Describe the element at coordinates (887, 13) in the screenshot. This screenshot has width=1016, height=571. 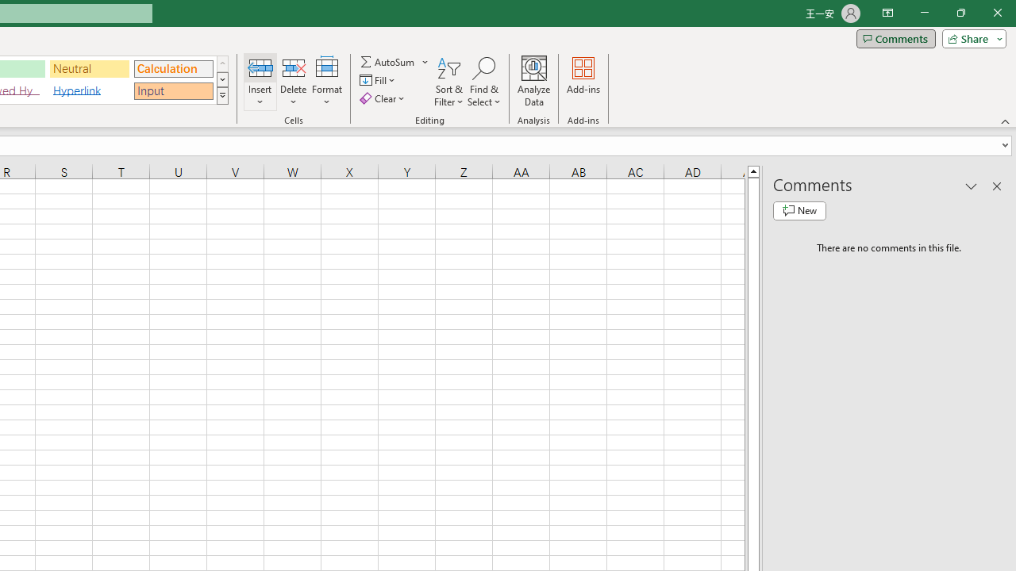
I see `'Ribbon Display Options'` at that location.